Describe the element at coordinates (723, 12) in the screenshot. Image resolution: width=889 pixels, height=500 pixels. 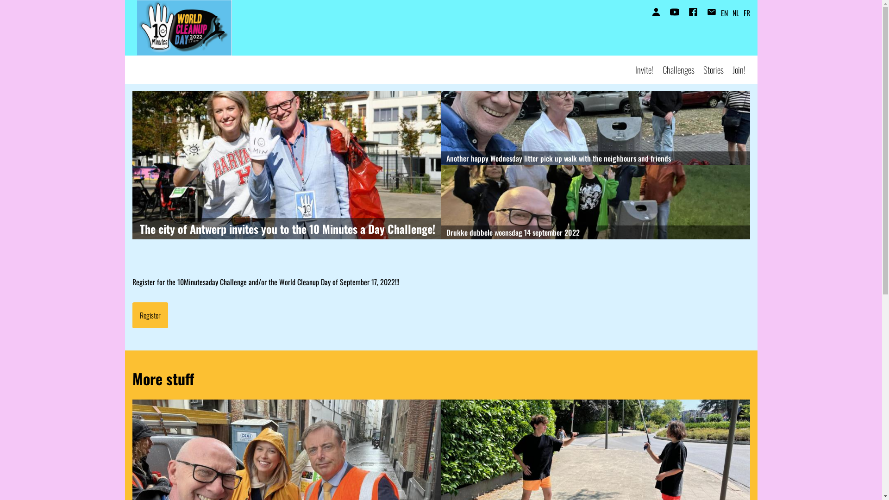
I see `'EN'` at that location.